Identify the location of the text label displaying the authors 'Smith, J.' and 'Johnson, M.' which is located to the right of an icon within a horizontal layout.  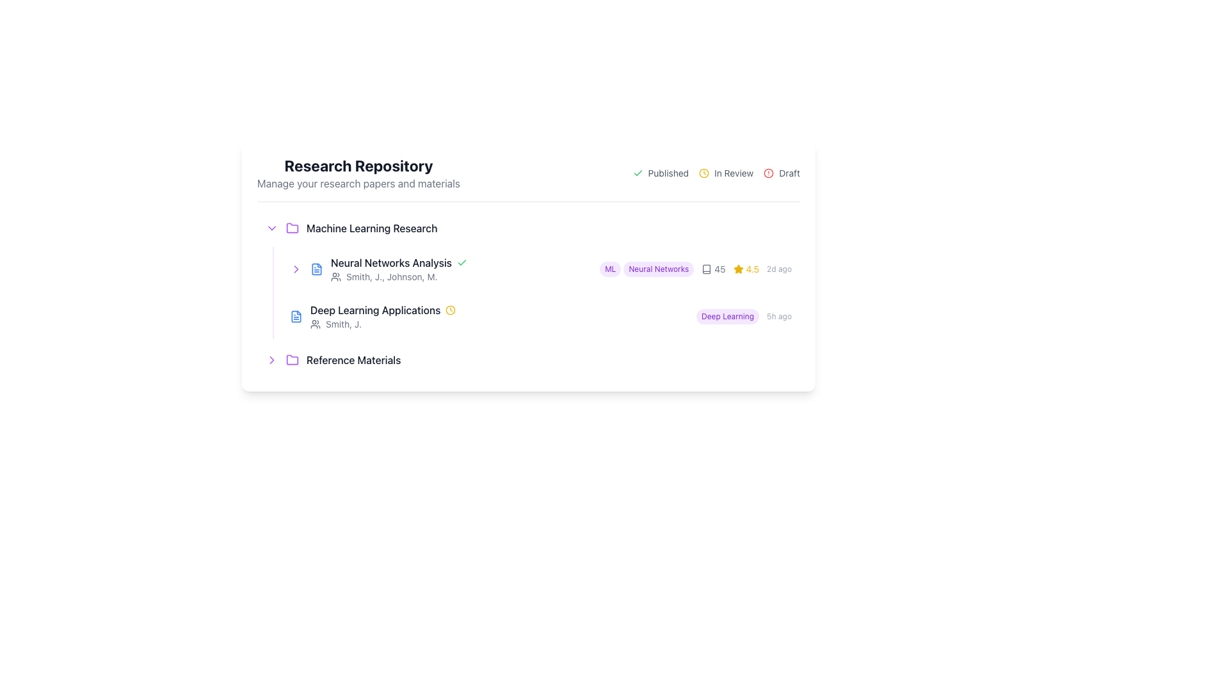
(391, 276).